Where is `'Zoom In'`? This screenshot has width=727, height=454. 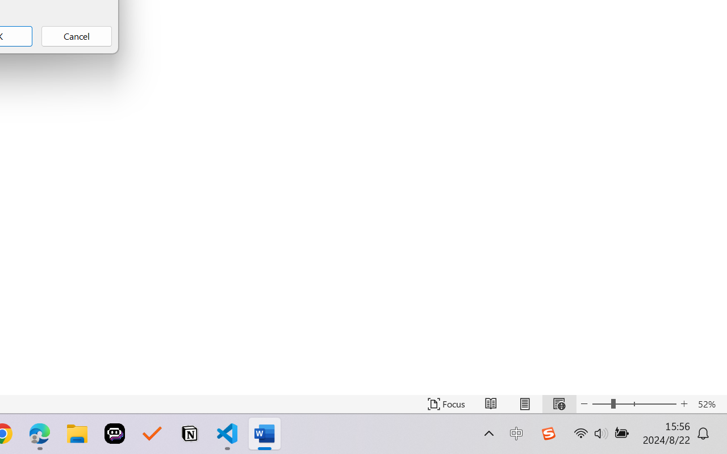
'Zoom In' is located at coordinates (684, 403).